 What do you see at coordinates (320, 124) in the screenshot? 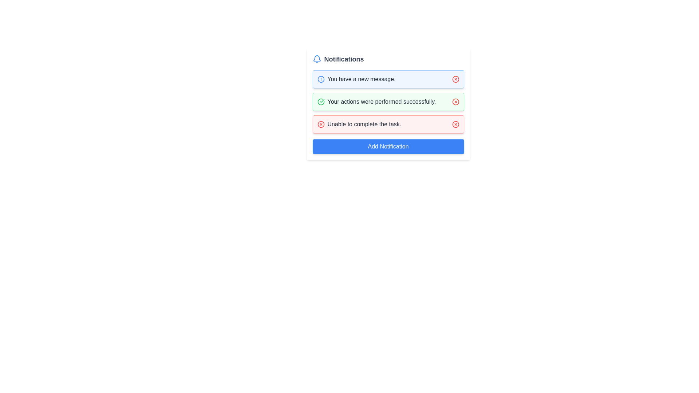
I see `the circle component graphic element that represents the outer boundary of the close button for the notification, located at the right side of the 'Unable to complete the task' notification within the third notification row` at bounding box center [320, 124].